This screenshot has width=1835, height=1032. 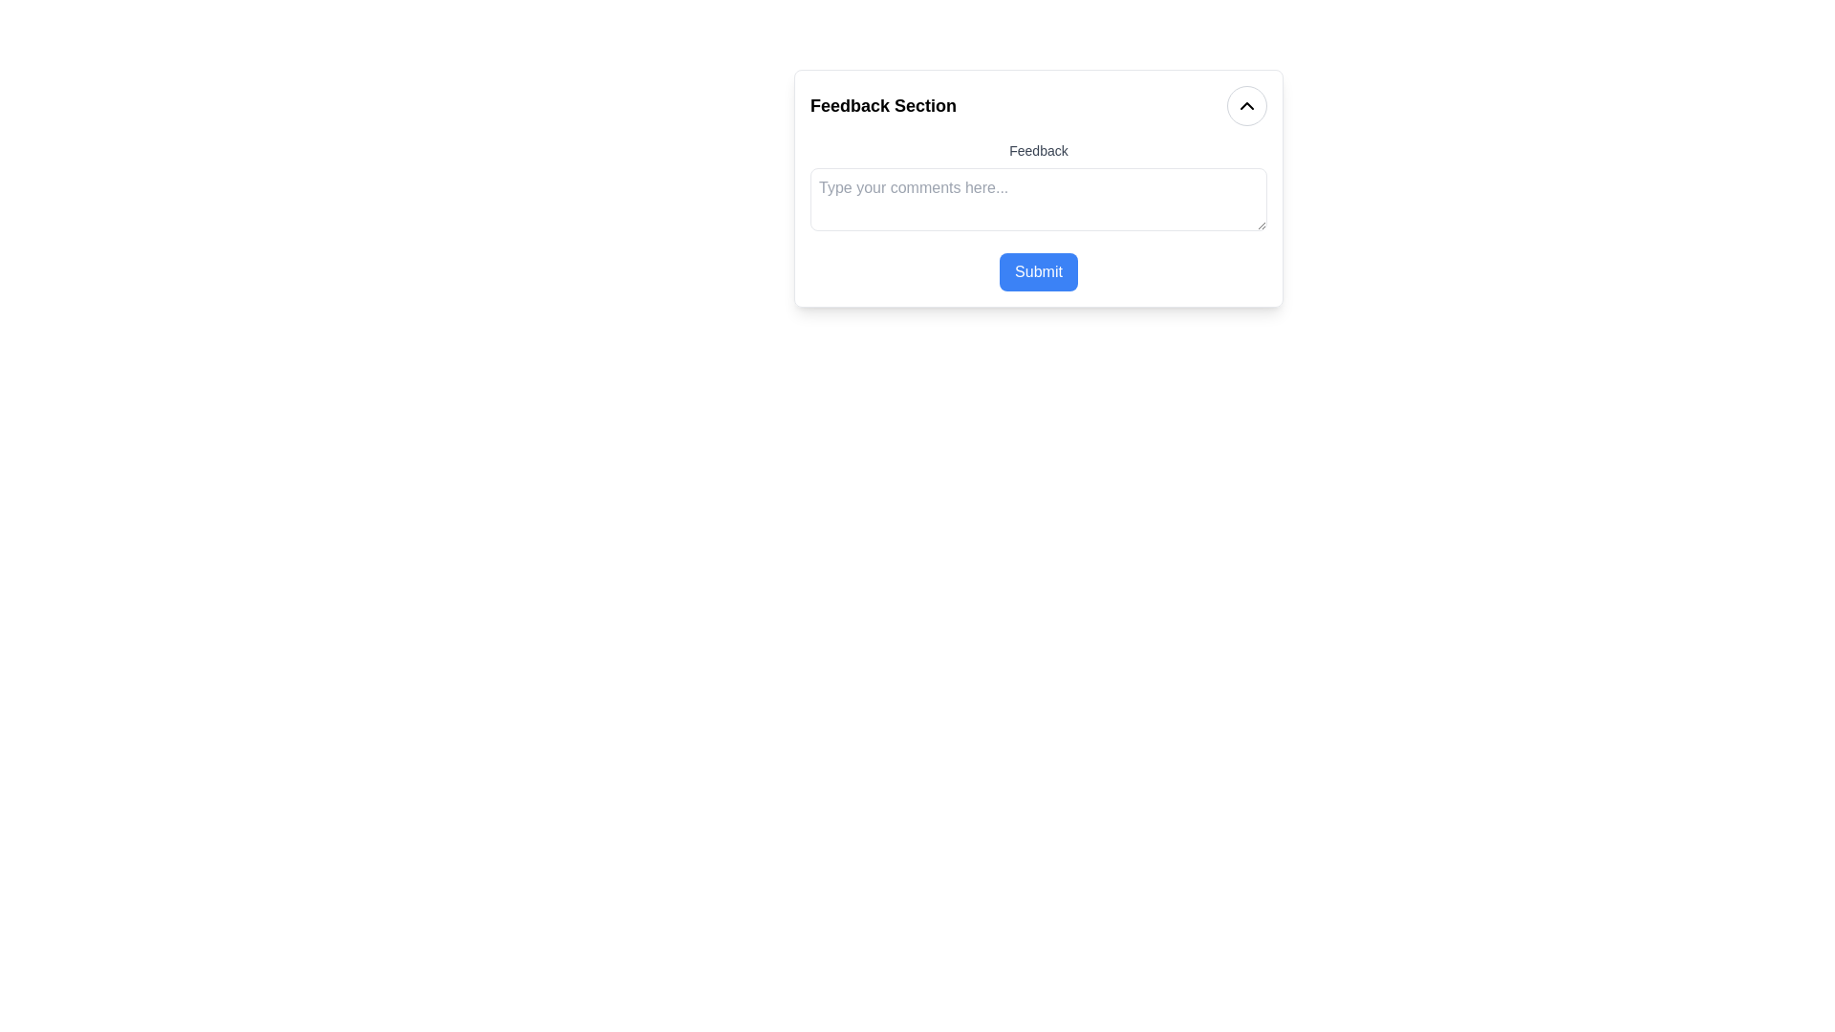 I want to click on the 'Submit' button, which is a rectangular button with rounded corners, solid blue color, and white text, located in the 'Feedback Section' below the comment text box, so click(x=1037, y=272).